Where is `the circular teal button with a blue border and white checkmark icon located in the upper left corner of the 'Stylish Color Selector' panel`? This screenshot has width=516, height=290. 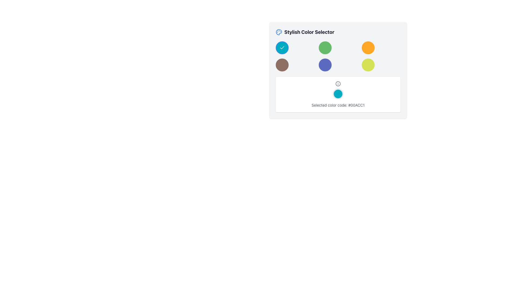
the circular teal button with a blue border and white checkmark icon located in the upper left corner of the 'Stylish Color Selector' panel is located at coordinates (282, 47).